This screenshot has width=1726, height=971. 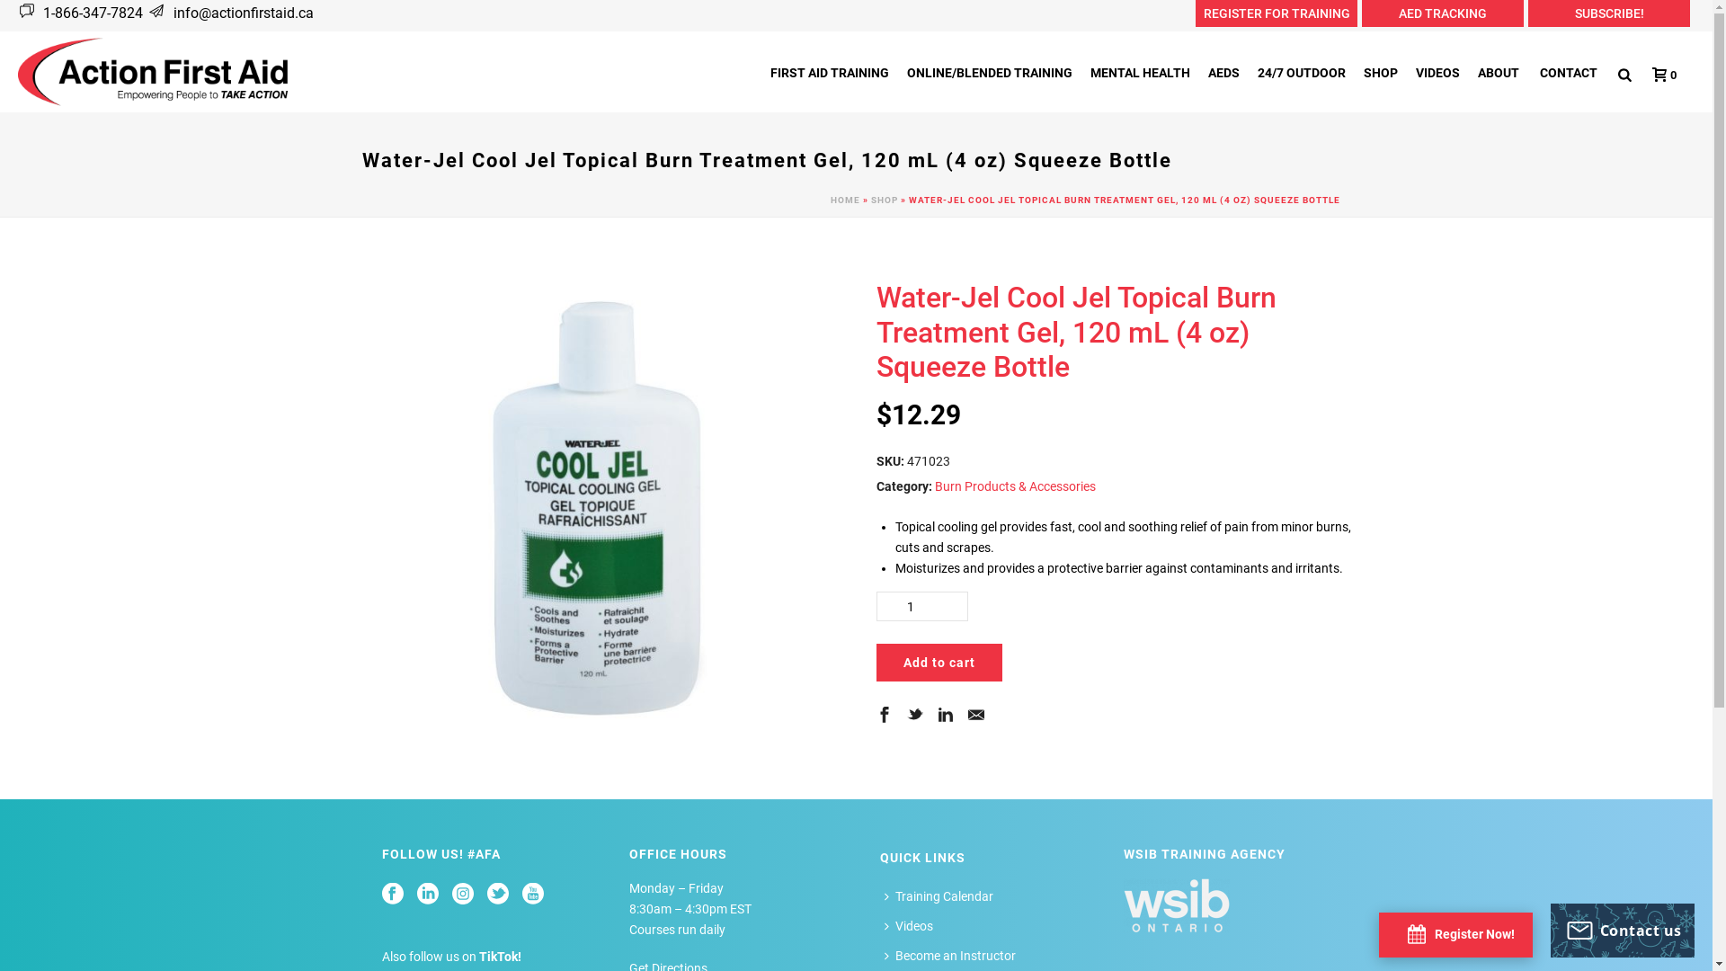 What do you see at coordinates (1276, 13) in the screenshot?
I see `'REGISTER FOR TRAINING'` at bounding box center [1276, 13].